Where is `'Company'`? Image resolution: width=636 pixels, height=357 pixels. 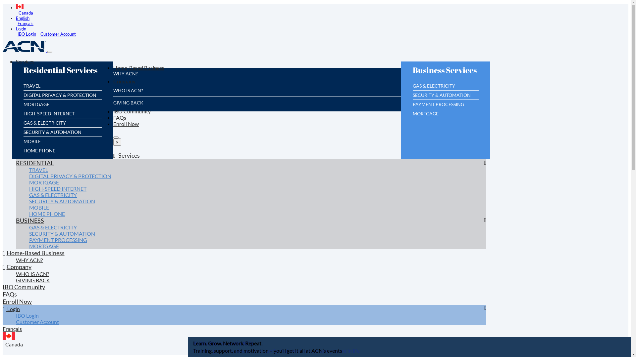 'Company' is located at coordinates (113, 83).